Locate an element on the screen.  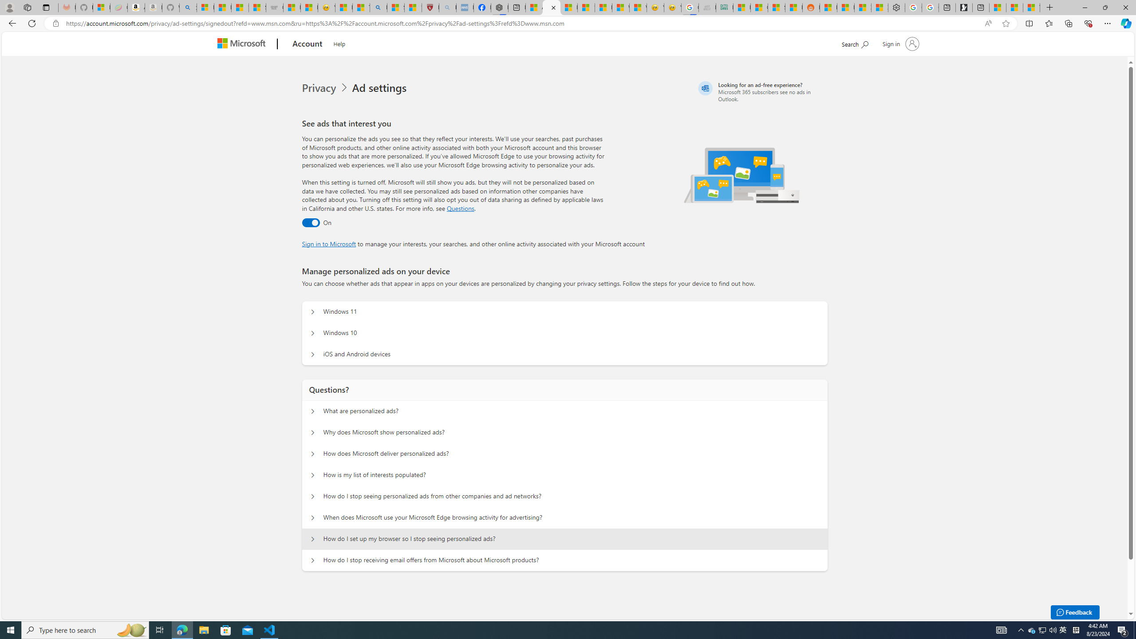
'Looking for an ad-free experience?' is located at coordinates (761, 91).